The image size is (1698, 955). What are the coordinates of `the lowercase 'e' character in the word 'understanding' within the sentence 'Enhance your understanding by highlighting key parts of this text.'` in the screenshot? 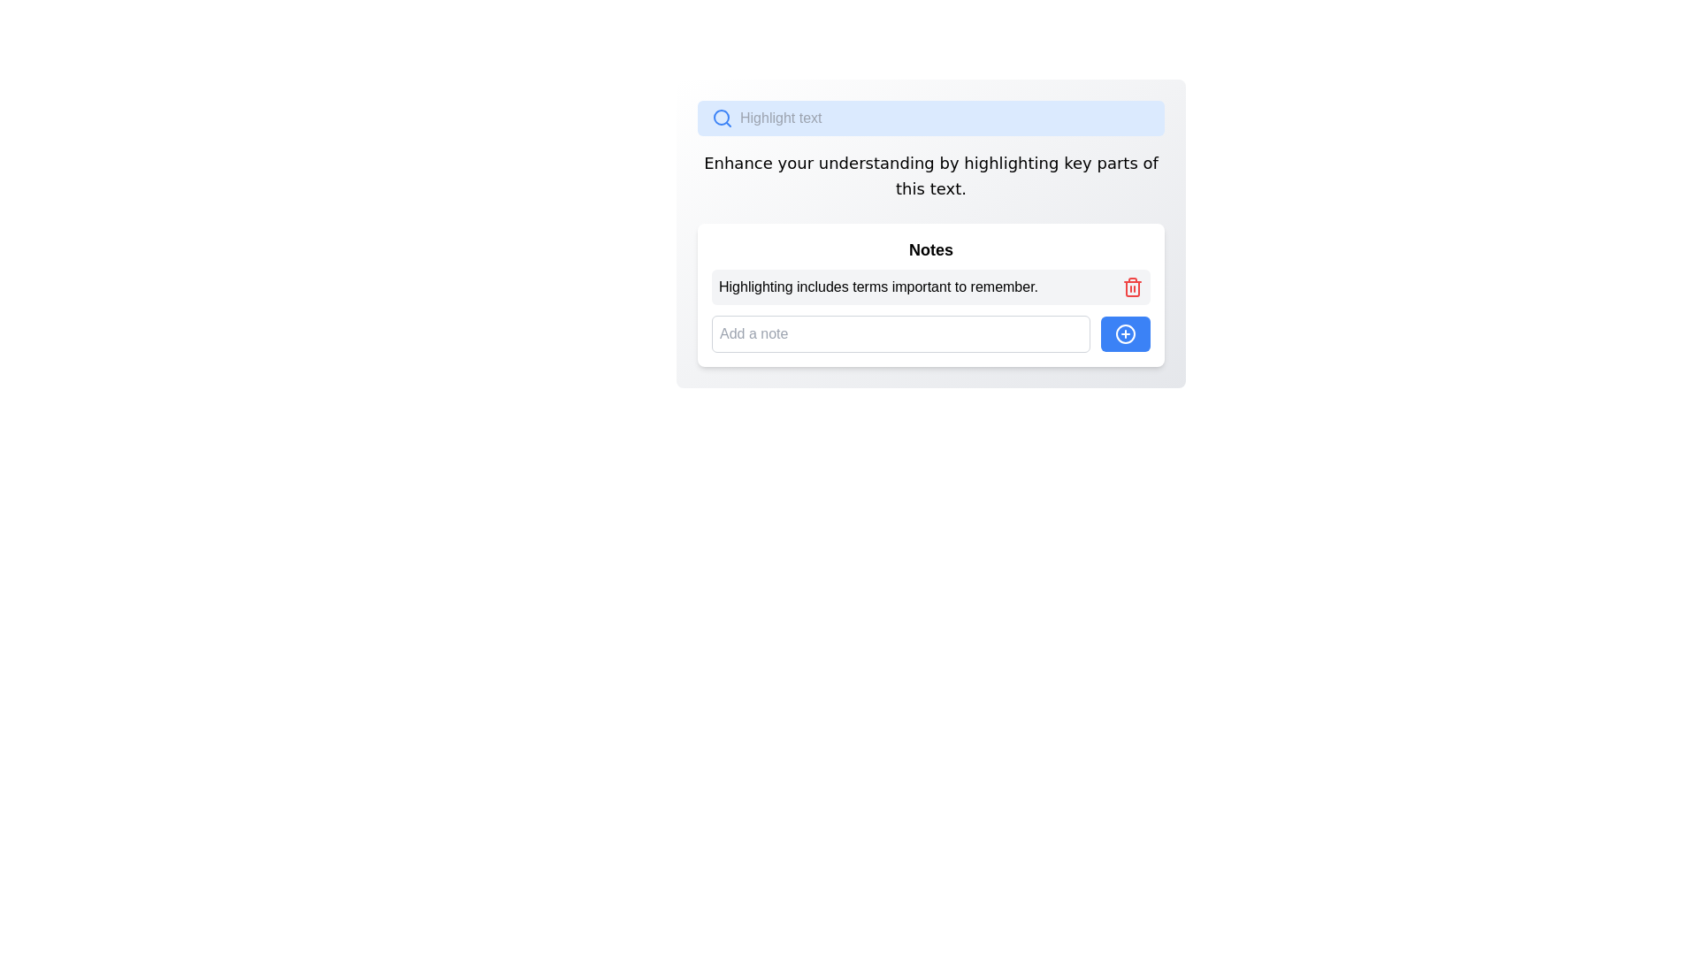 It's located at (853, 163).